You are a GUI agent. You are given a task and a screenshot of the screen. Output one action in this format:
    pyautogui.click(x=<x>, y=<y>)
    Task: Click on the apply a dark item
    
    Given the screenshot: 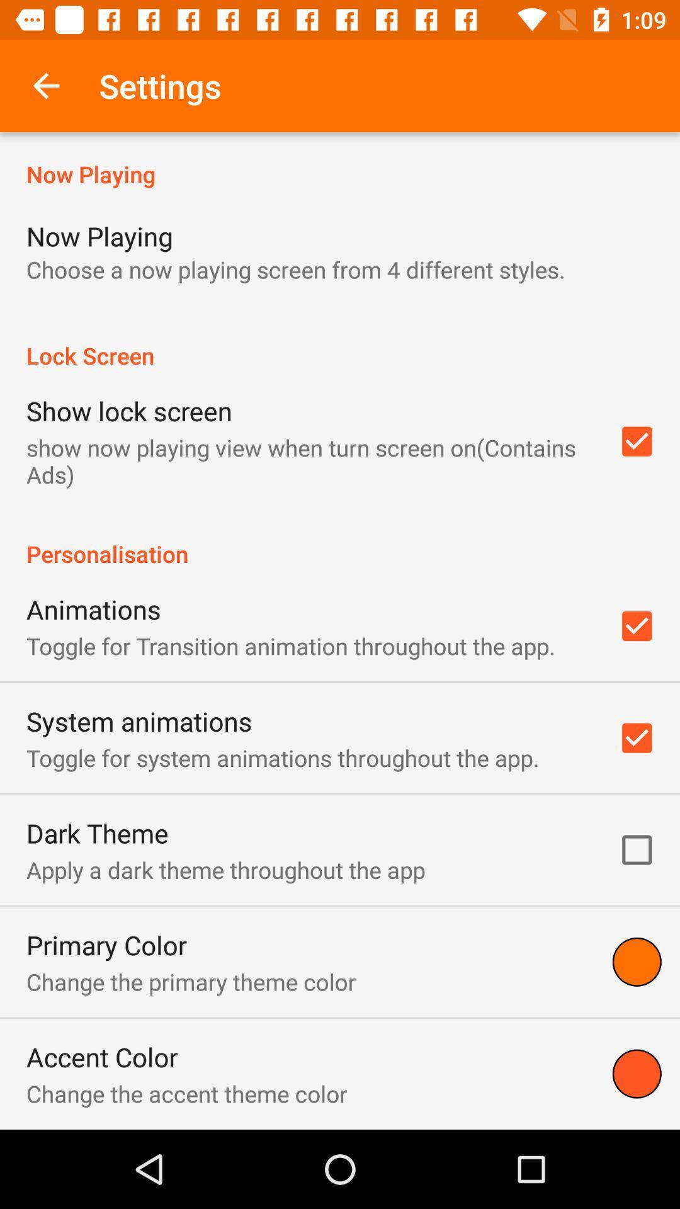 What is the action you would take?
    pyautogui.click(x=225, y=869)
    